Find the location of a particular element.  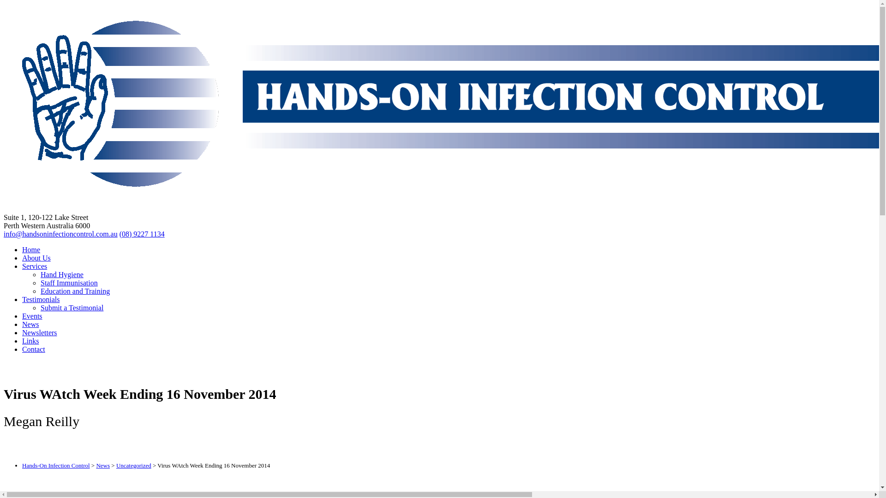

'About Us' is located at coordinates (36, 258).